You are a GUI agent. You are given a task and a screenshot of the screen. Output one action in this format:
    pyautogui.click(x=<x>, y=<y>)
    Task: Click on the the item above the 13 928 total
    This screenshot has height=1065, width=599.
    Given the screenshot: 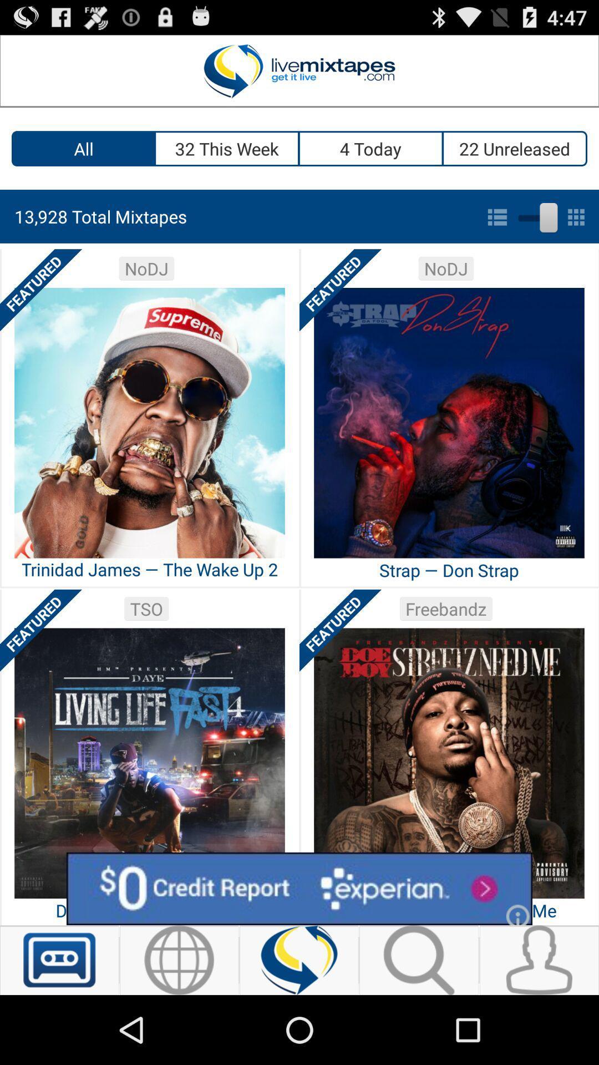 What is the action you would take?
    pyautogui.click(x=83, y=148)
    